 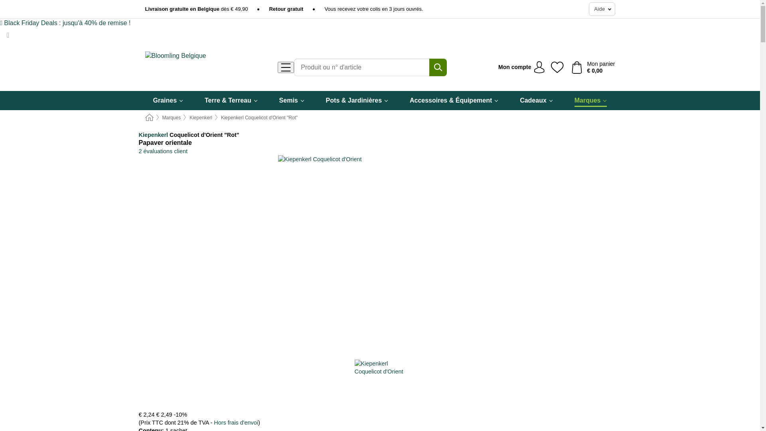 I want to click on 'Kiepenkerl Coquelicot d'Orient "Rot"', so click(x=259, y=117).